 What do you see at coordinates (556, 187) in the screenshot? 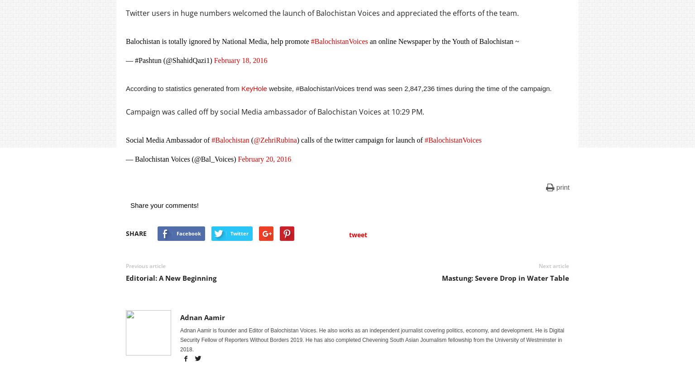
I see `'print'` at bounding box center [556, 187].